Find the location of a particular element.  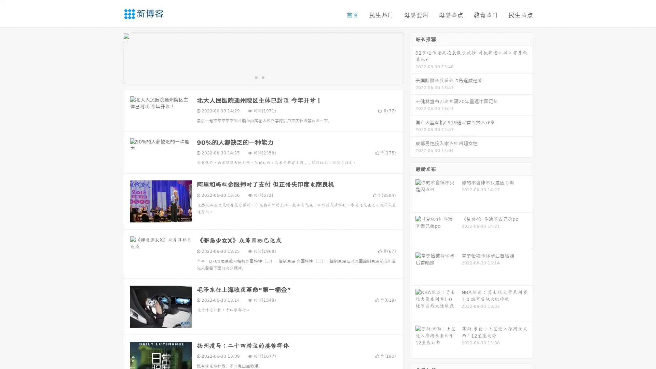

Next slide is located at coordinates (413, 57).